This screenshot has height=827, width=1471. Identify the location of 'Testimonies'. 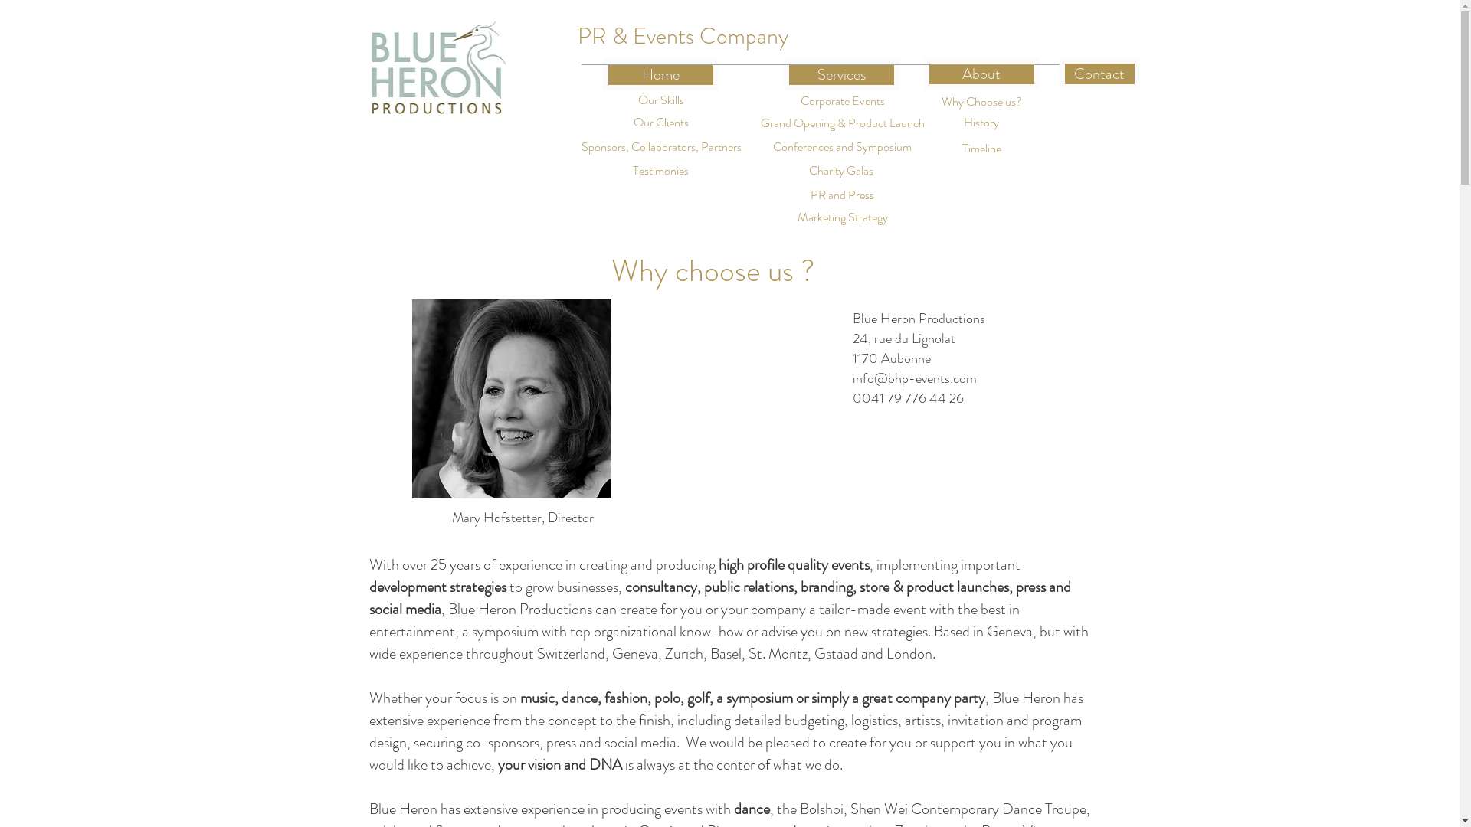
(661, 171).